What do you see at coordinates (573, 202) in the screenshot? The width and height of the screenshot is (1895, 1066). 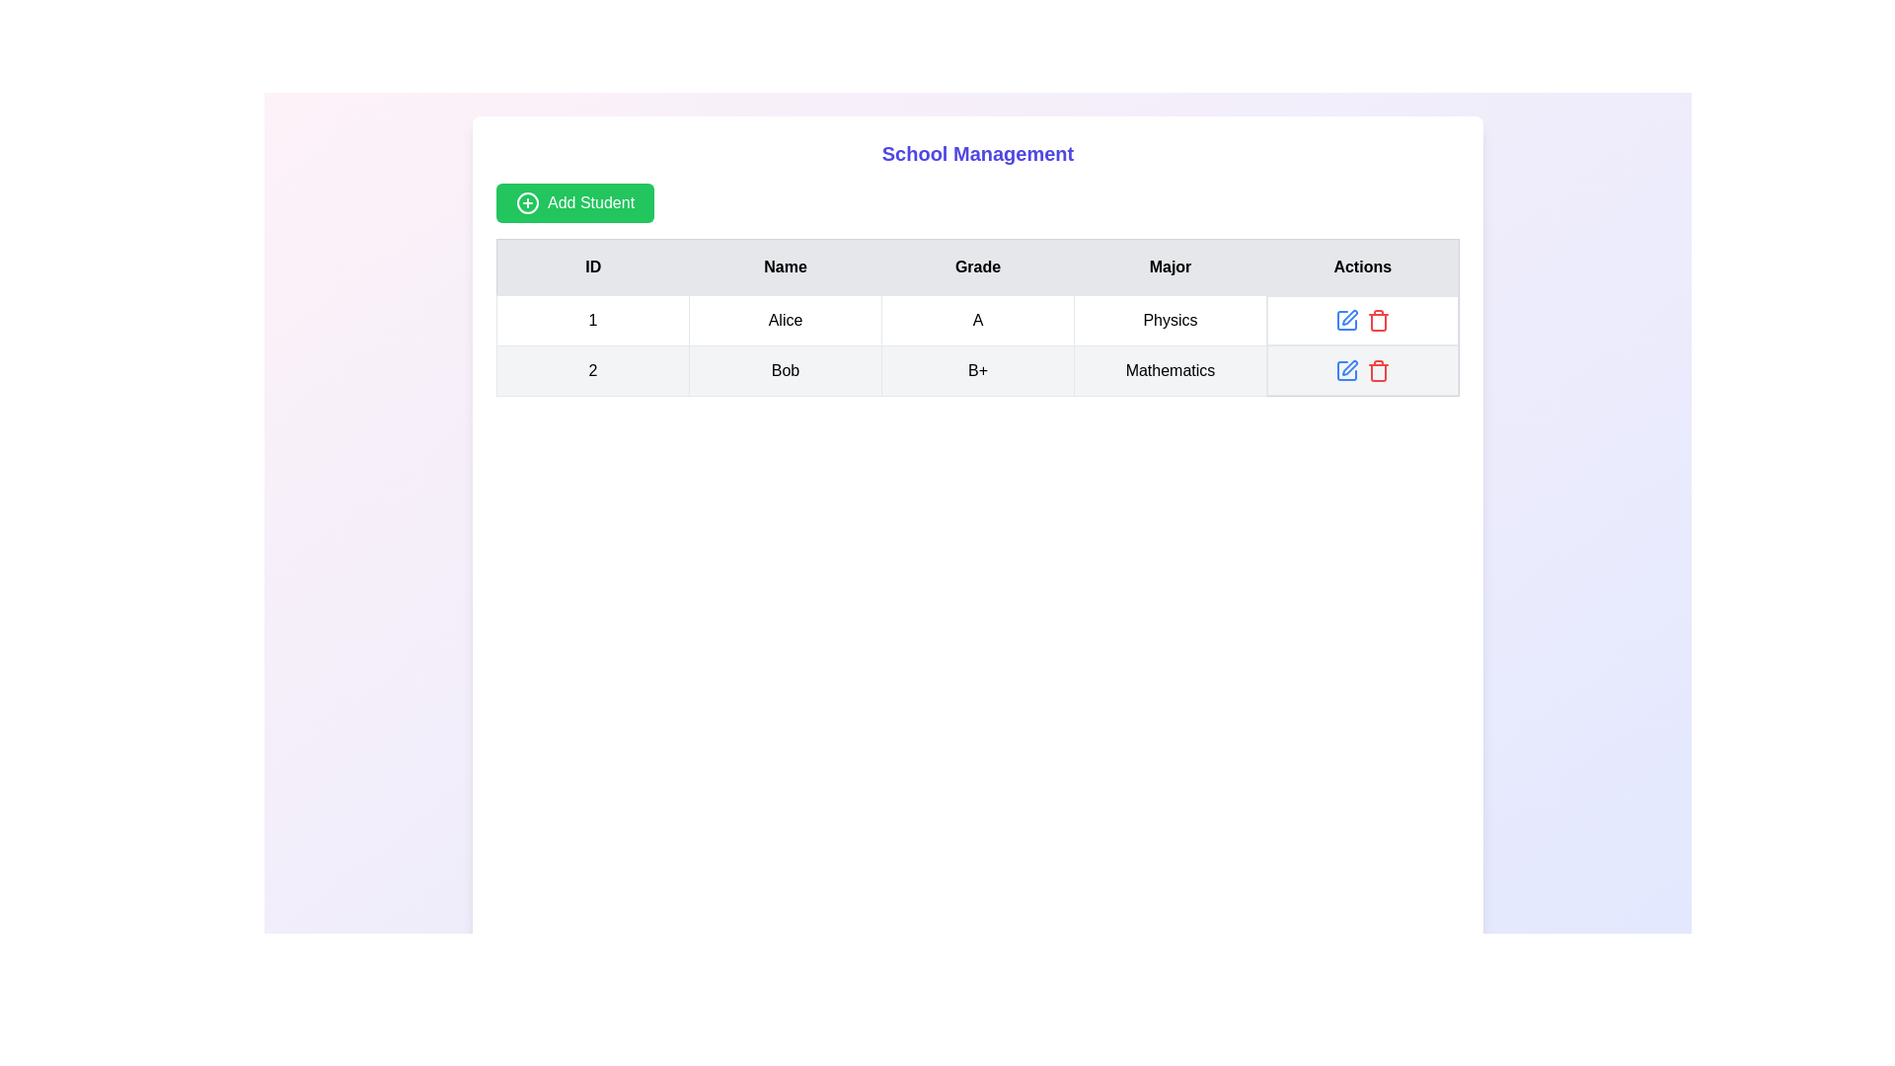 I see `the green rectangular 'Add Student' button with rounded corners located below the 'School Management' title to initiate adding a student` at bounding box center [573, 202].